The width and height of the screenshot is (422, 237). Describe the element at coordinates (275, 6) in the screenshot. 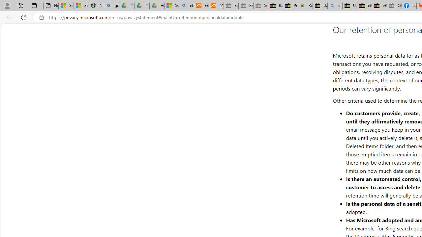

I see `'Baby Keepsakes & Announcements for sale | eBay'` at that location.